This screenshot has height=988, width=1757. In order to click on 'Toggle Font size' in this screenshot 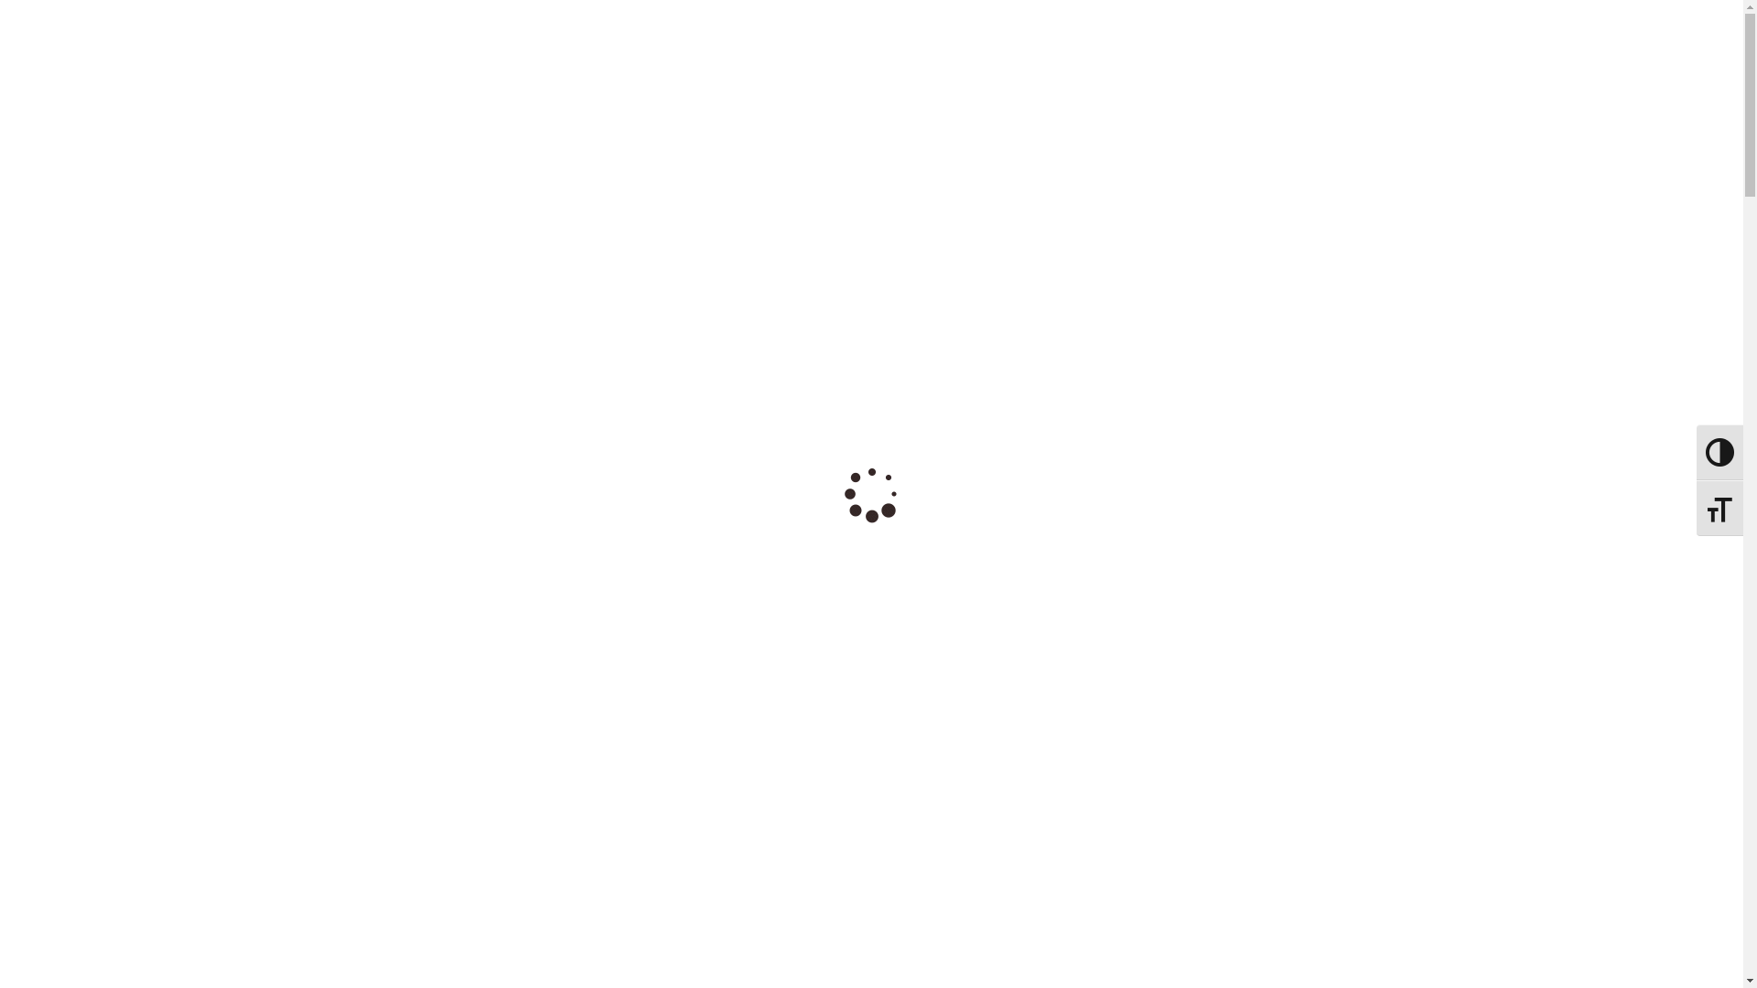, I will do `click(852, 26)`.